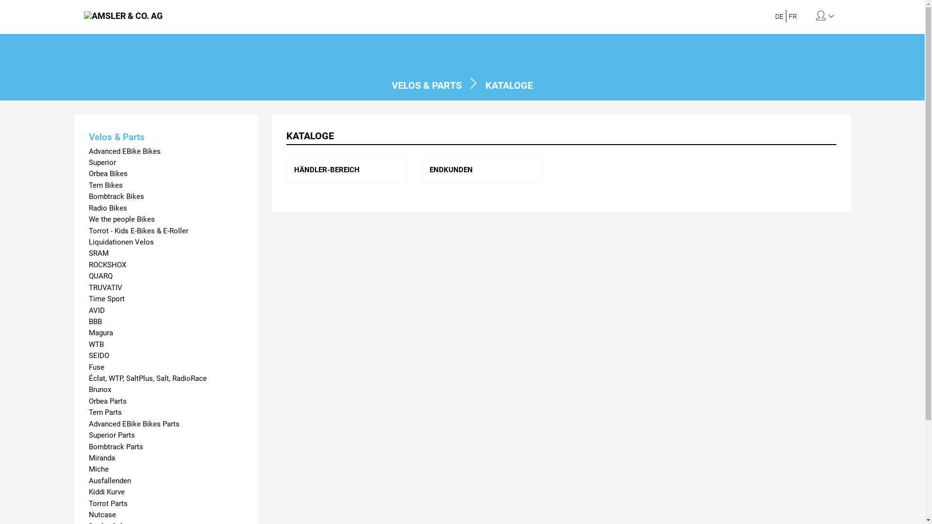 This screenshot has height=524, width=932. I want to click on 'WTB', so click(88, 344).